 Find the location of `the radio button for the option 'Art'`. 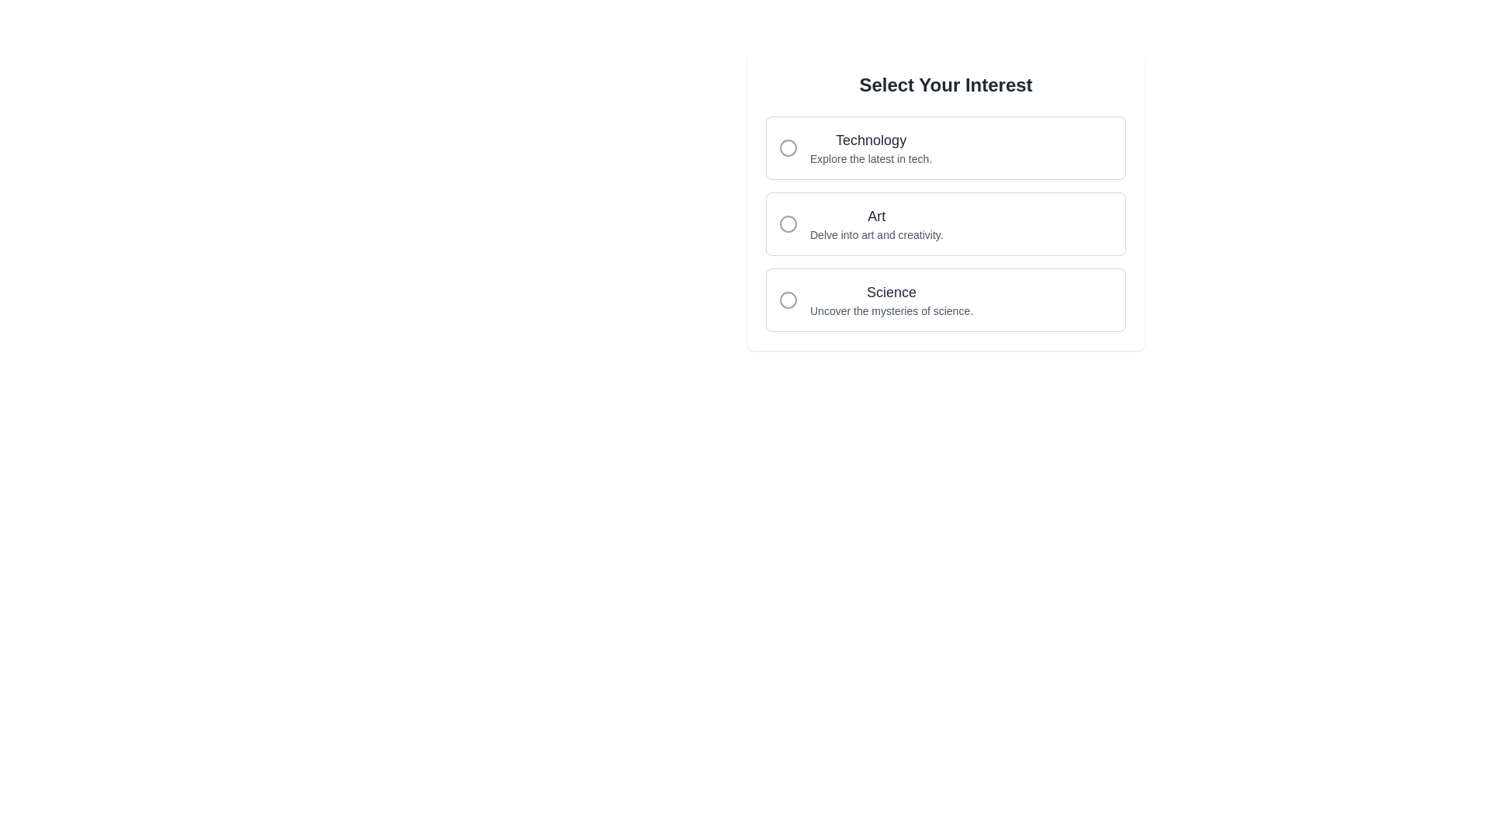

the radio button for the option 'Art' is located at coordinates (788, 224).